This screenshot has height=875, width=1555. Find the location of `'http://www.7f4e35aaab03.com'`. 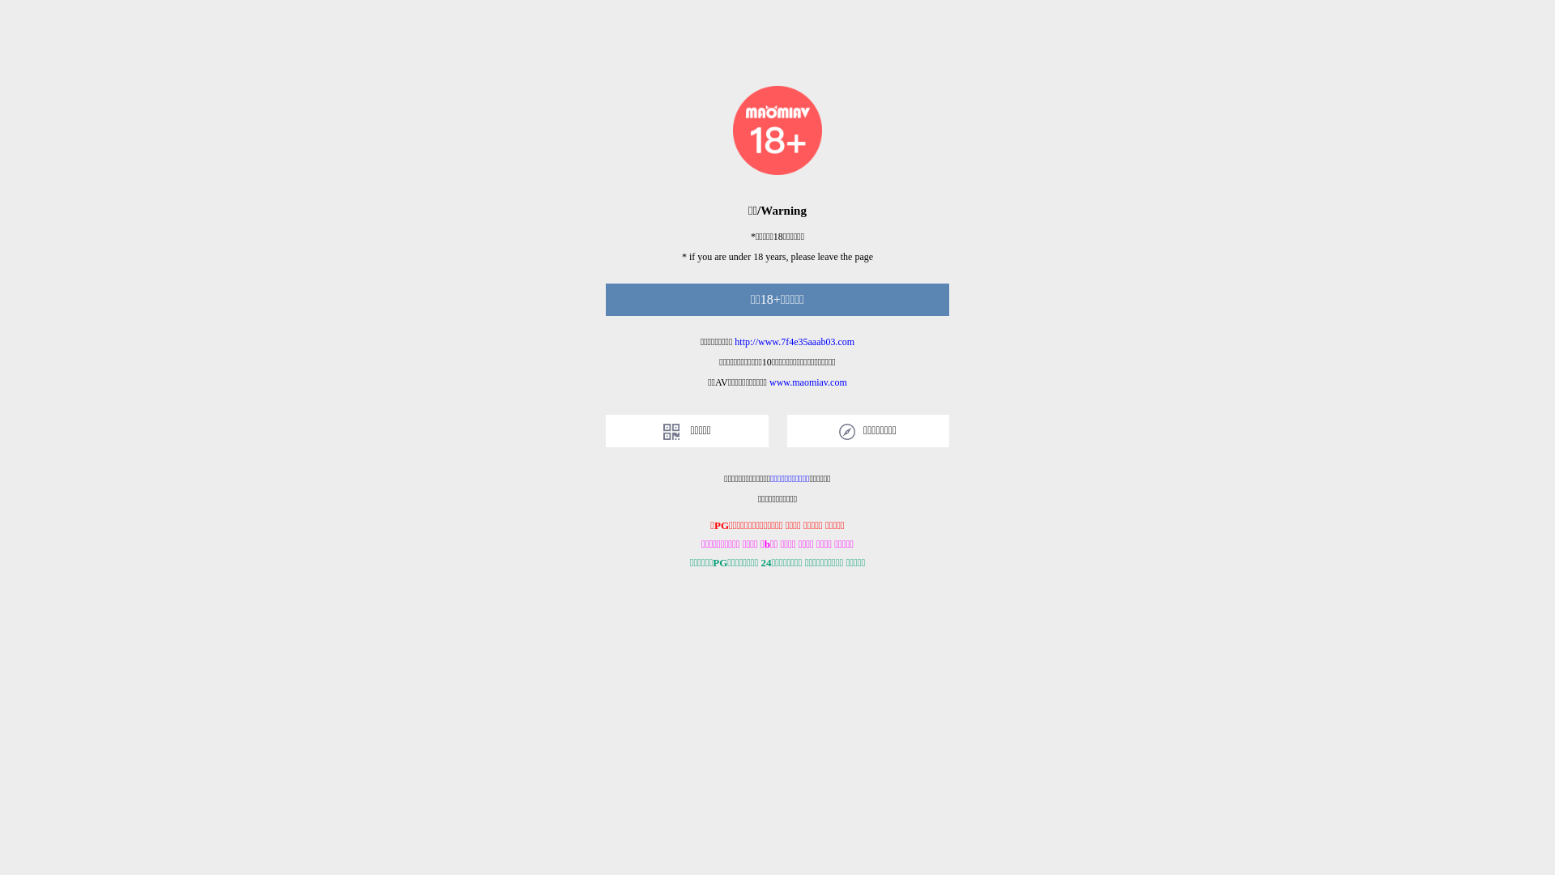

'http://www.7f4e35aaab03.com' is located at coordinates (794, 340).